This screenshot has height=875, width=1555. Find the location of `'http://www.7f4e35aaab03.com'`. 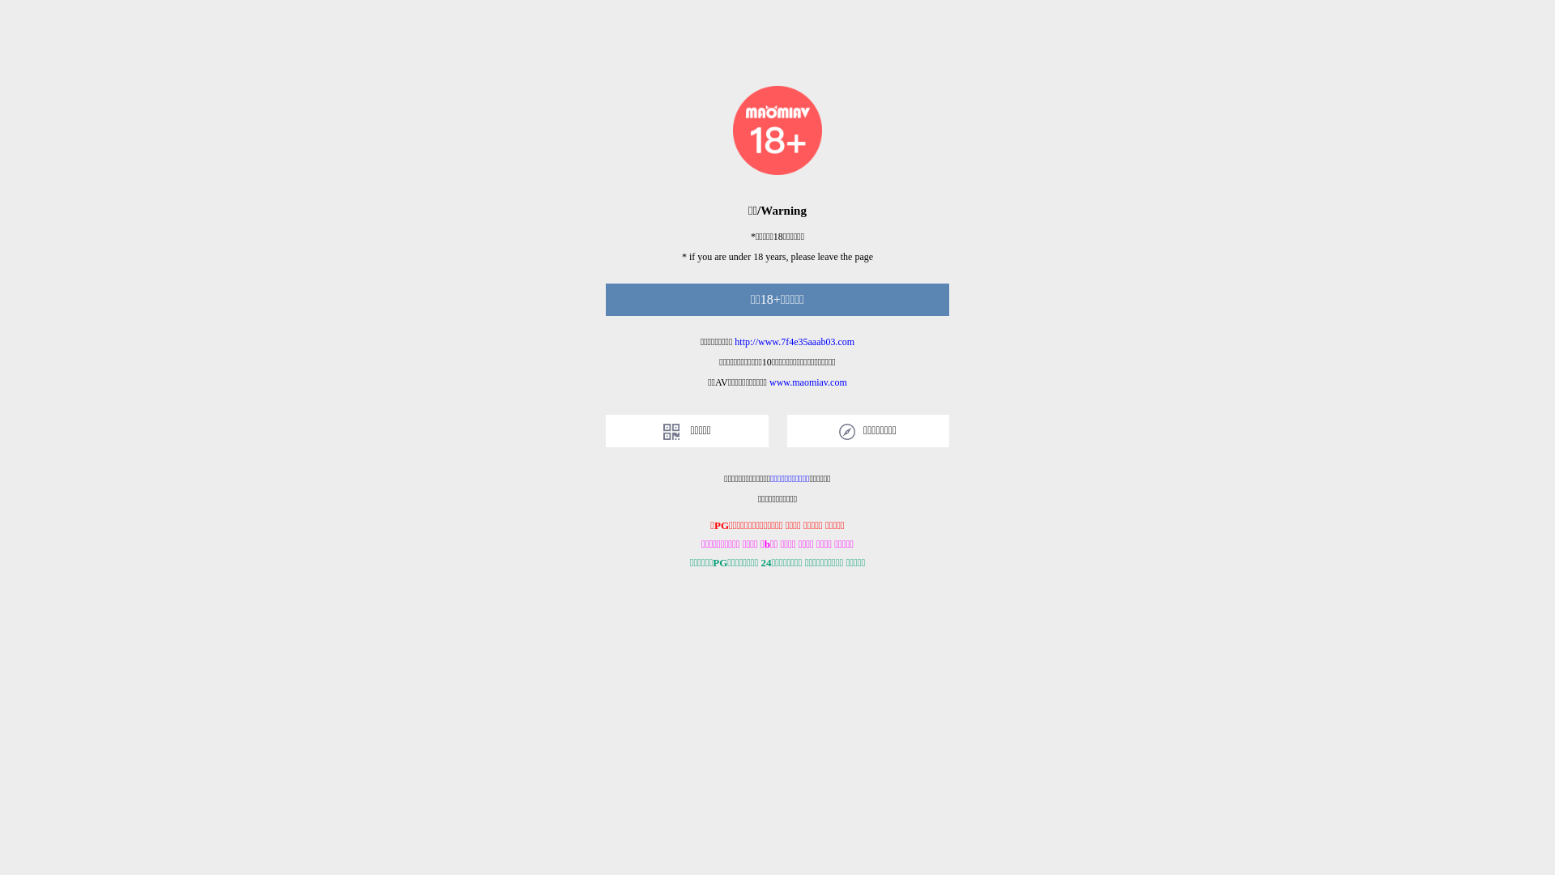

'http://www.7f4e35aaab03.com' is located at coordinates (794, 340).